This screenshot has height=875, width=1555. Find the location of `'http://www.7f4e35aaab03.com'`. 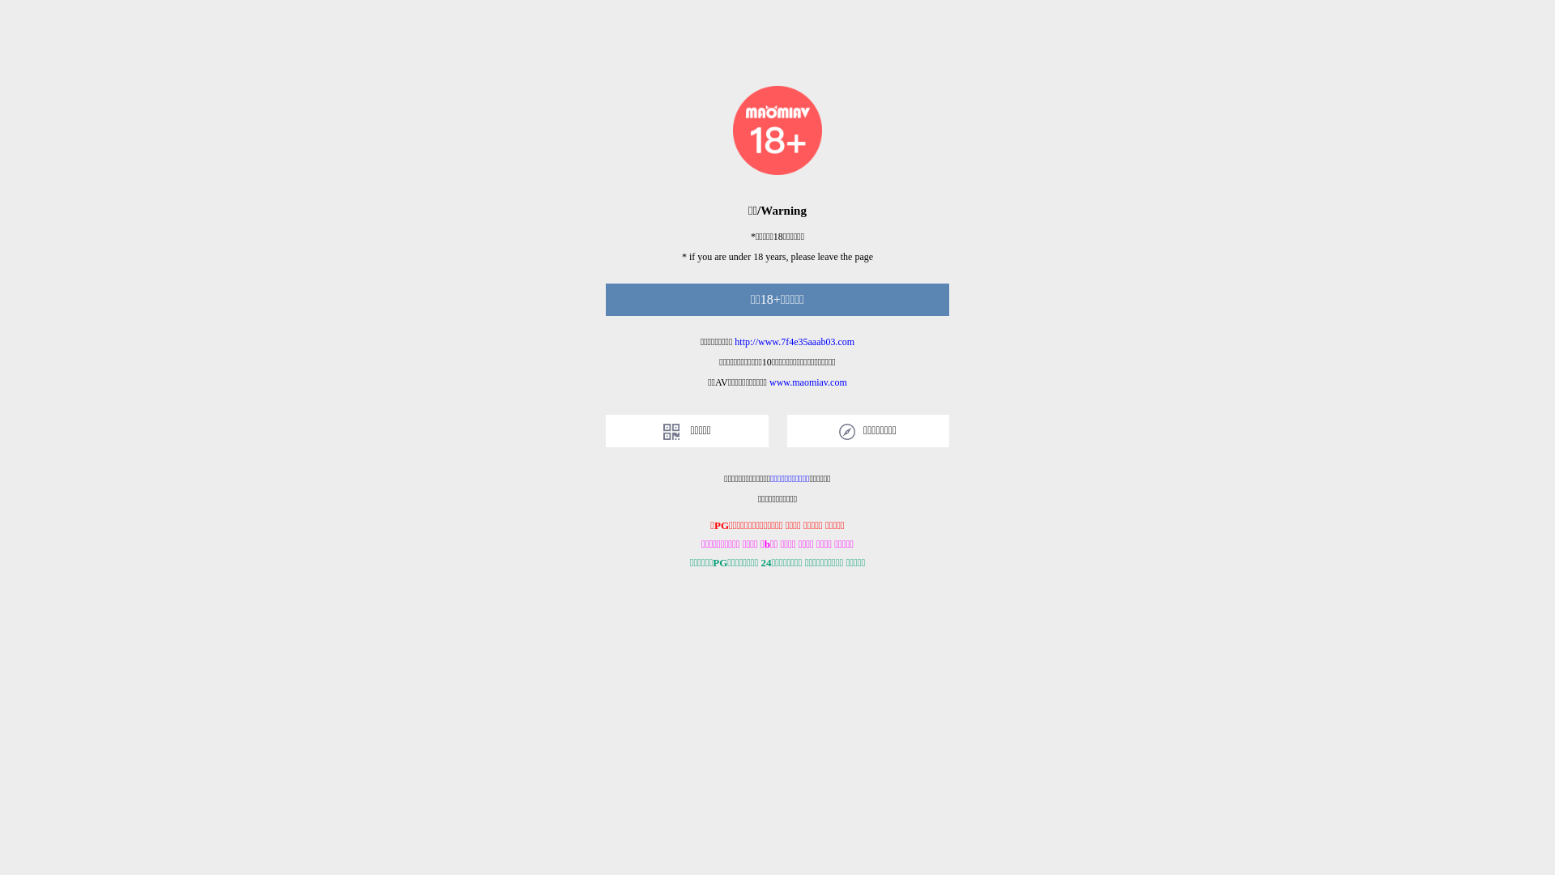

'http://www.7f4e35aaab03.com' is located at coordinates (794, 340).